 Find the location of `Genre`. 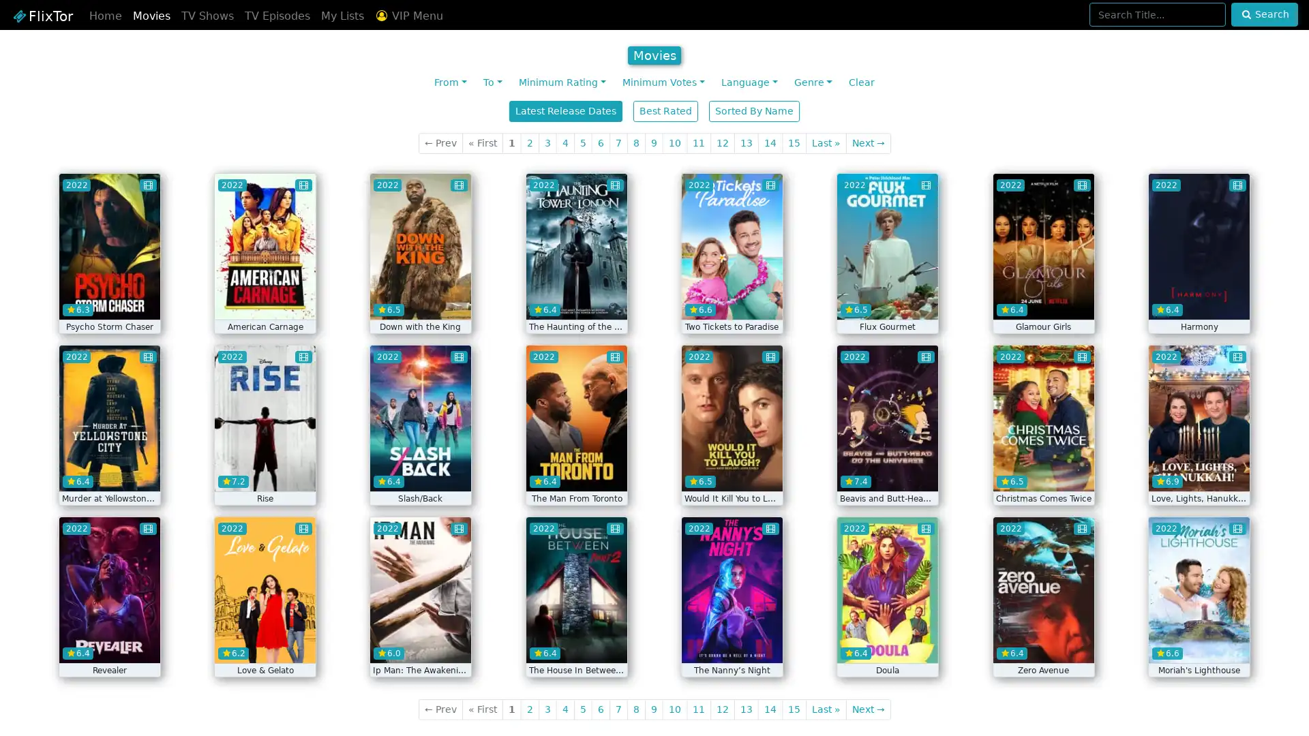

Genre is located at coordinates (812, 82).